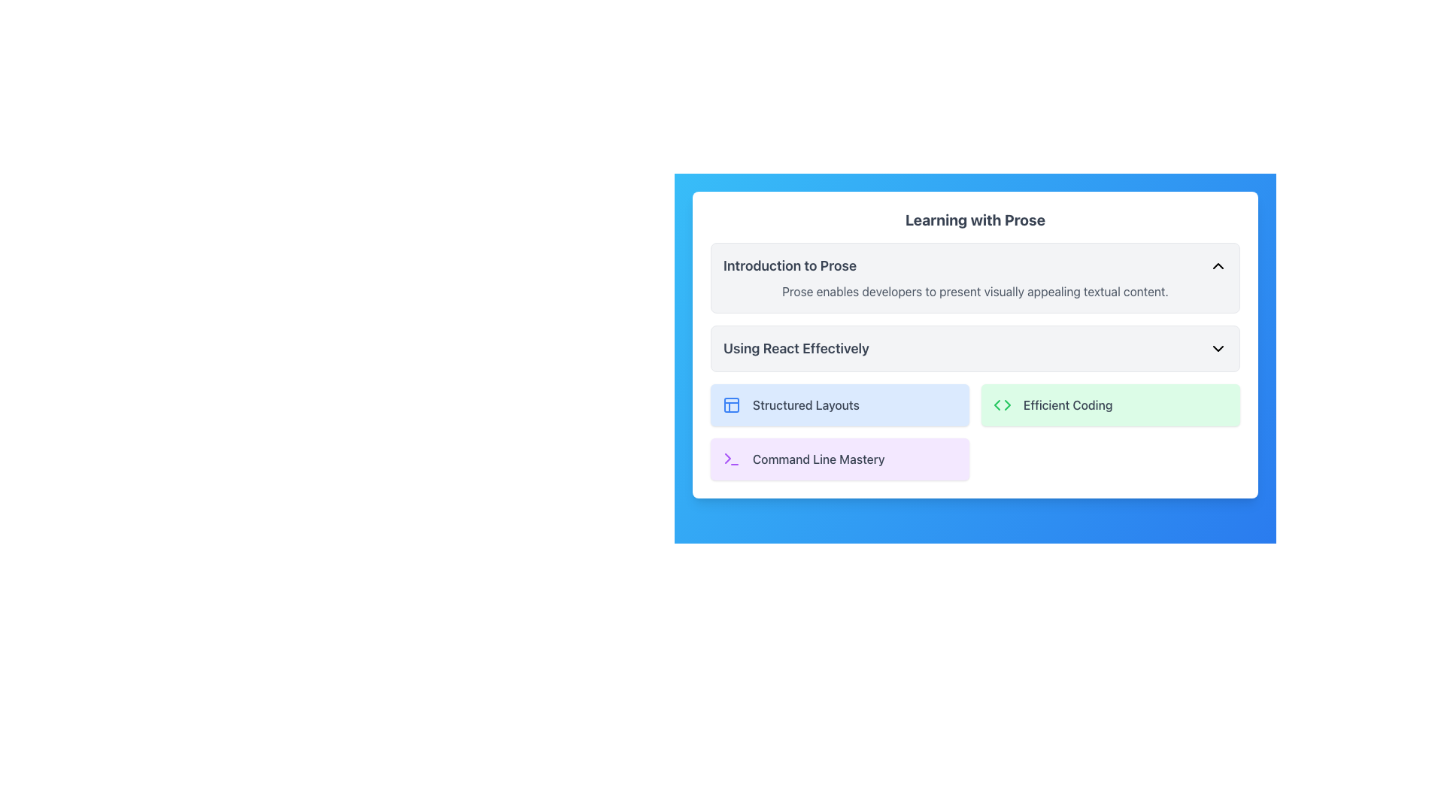  Describe the element at coordinates (1218, 348) in the screenshot. I see `the Dropdown trigger element, which is represented by a downward-facing chevron icon located on the top-right side of the 'Using React Effectively' section` at that location.